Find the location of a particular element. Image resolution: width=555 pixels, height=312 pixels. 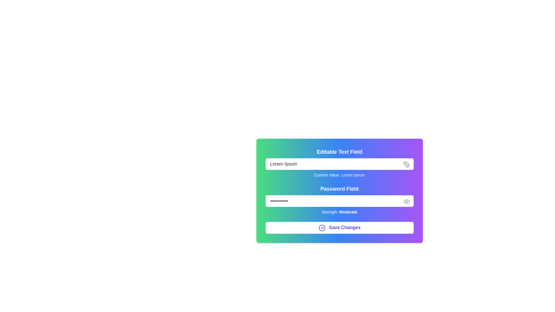

the Password input field by pressing the Tab key to focus on it, which is styled with a white background and rounded edges, featuring the placeholder text 'Enter your password.' is located at coordinates (339, 200).